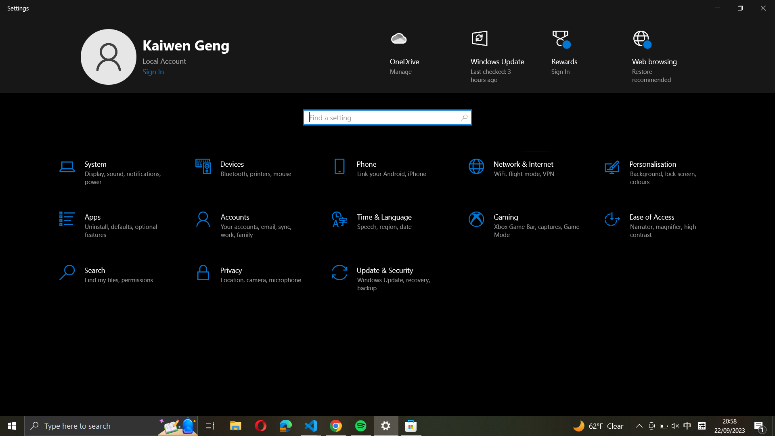 The height and width of the screenshot is (436, 775). I want to click on the "Rewards" option, so click(568, 57).